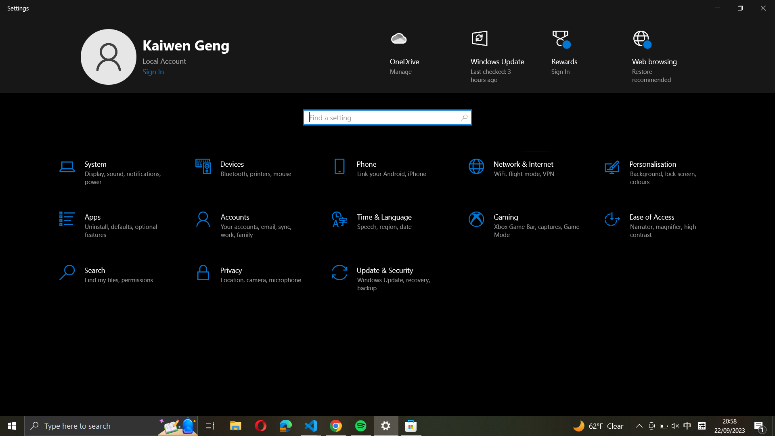 The height and width of the screenshot is (436, 775). I want to click on the "Rewards" option, so click(568, 57).